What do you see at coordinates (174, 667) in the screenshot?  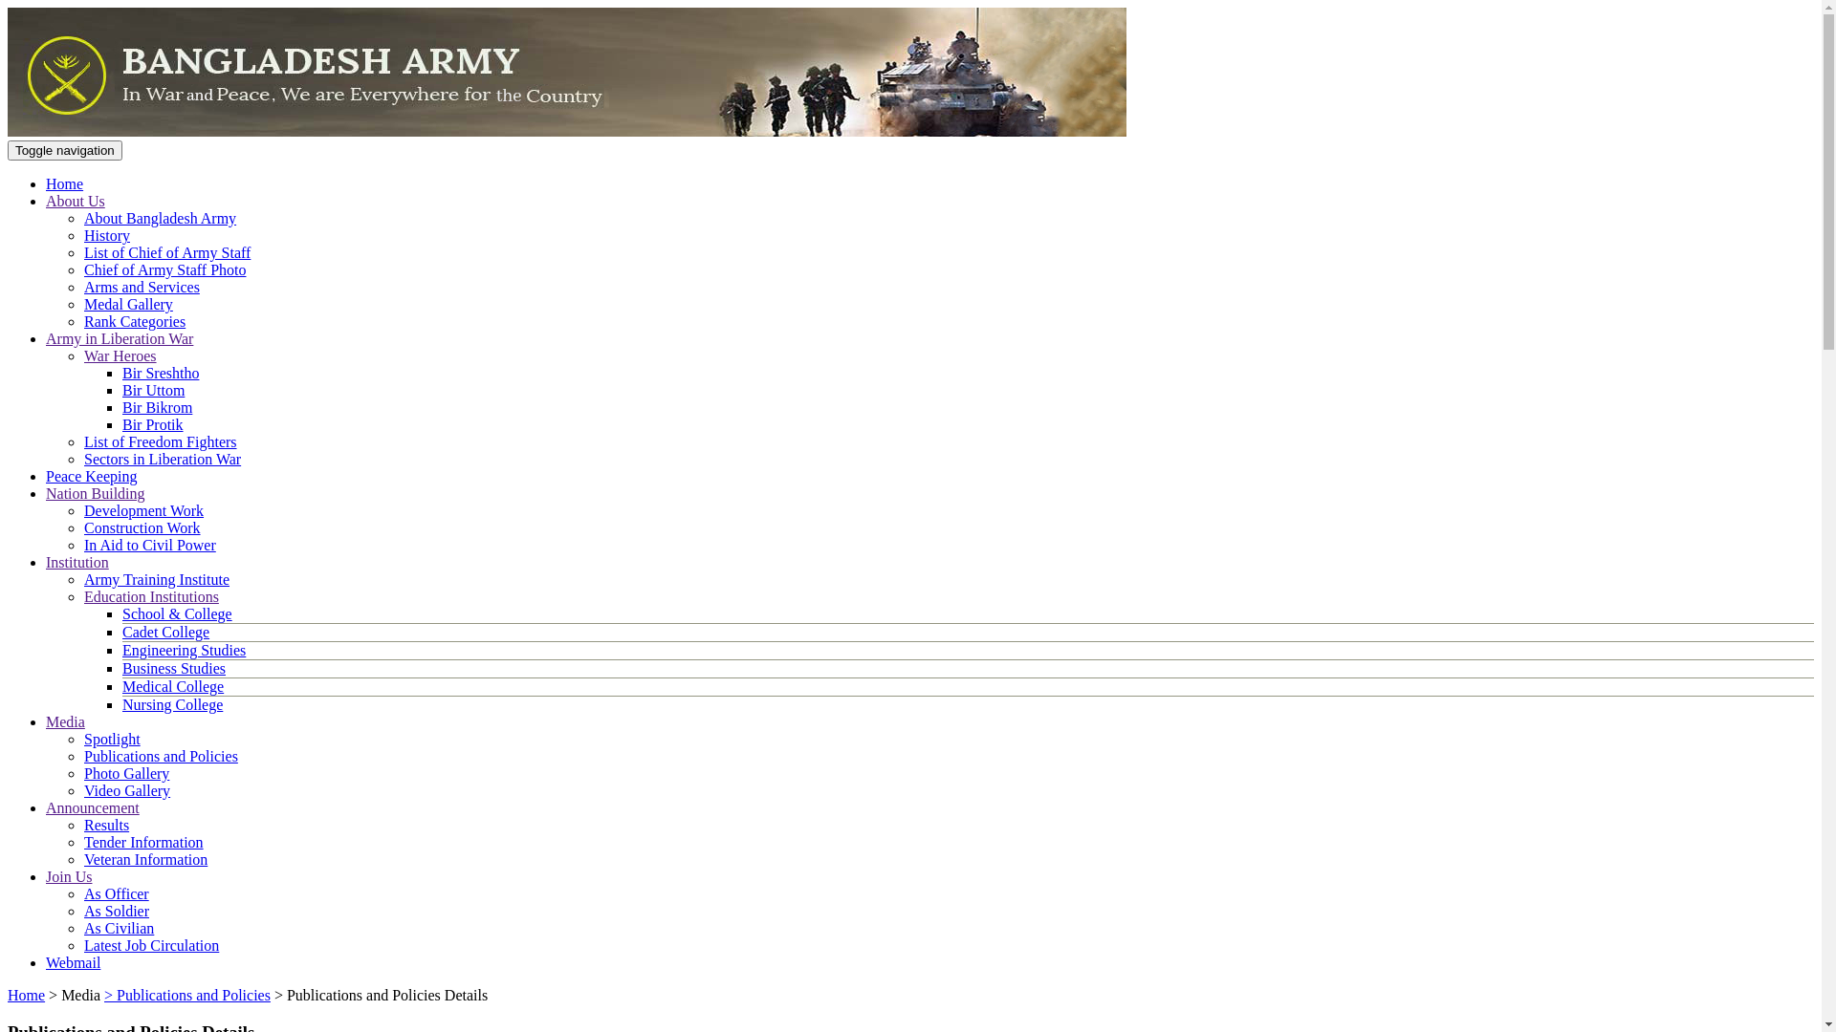 I see `'Business Studies'` at bounding box center [174, 667].